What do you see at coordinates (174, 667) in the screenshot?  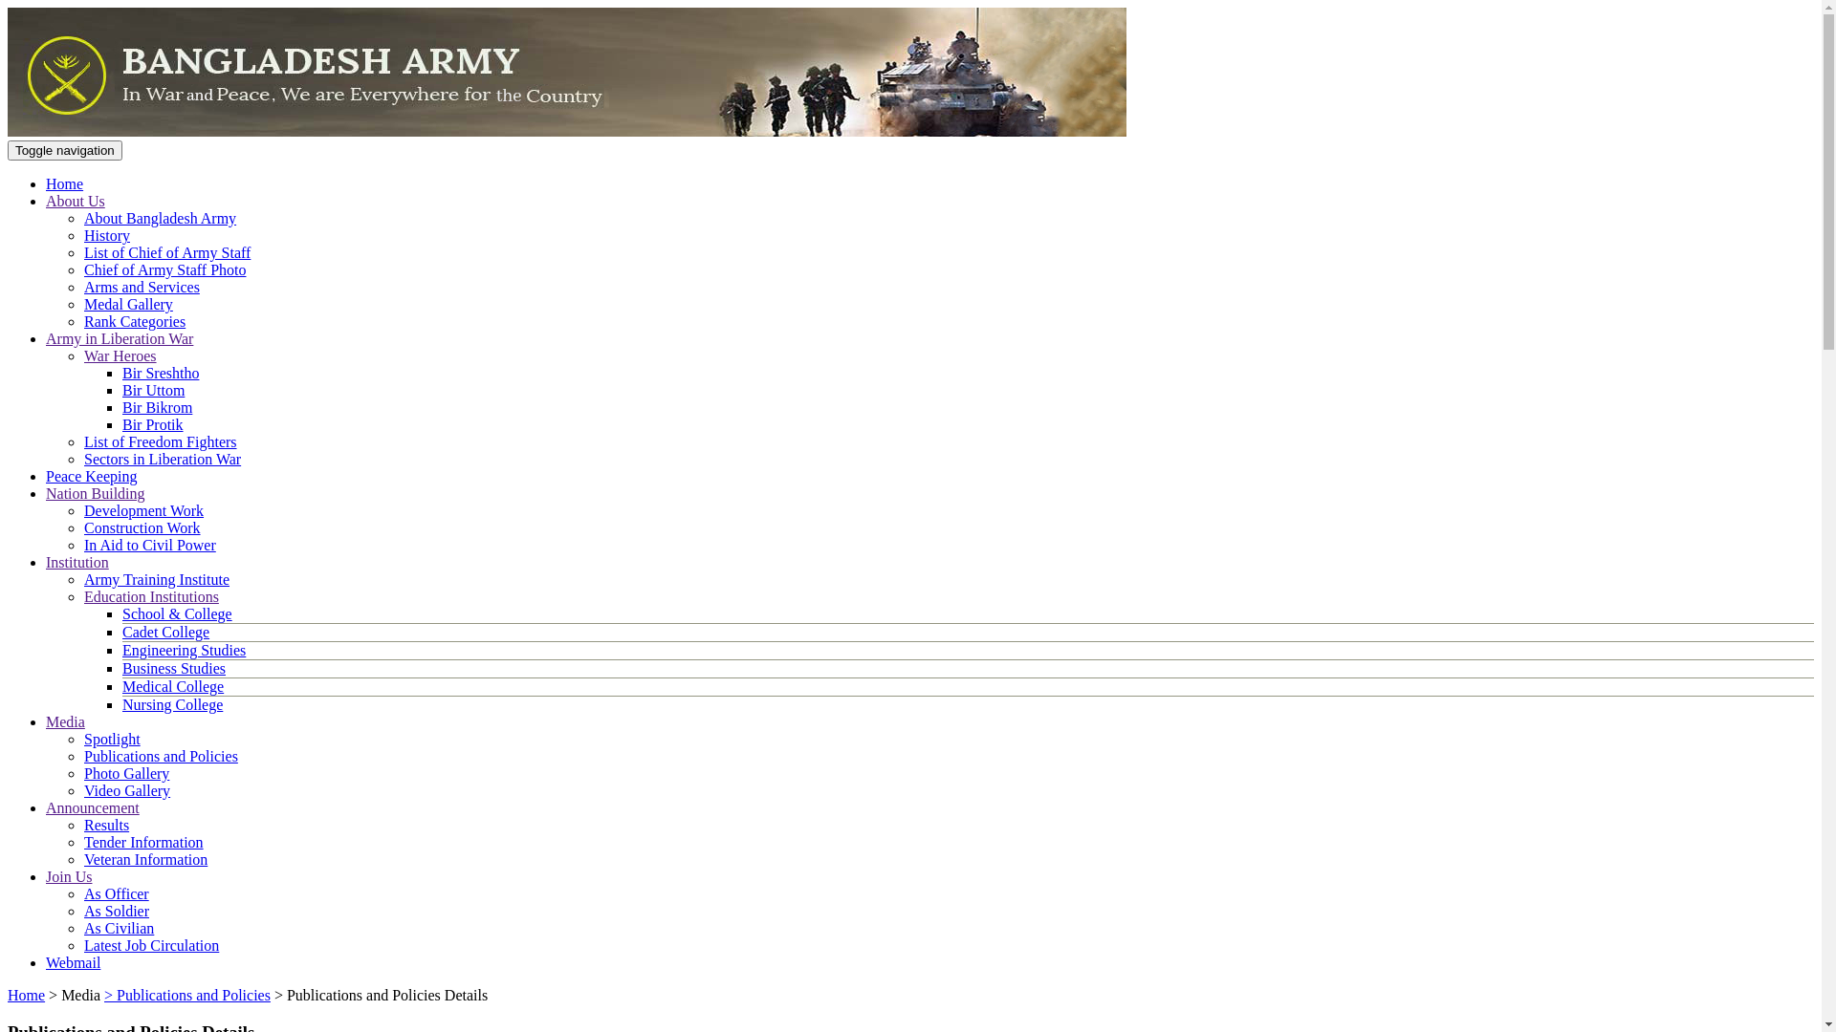 I see `'Business Studies'` at bounding box center [174, 667].